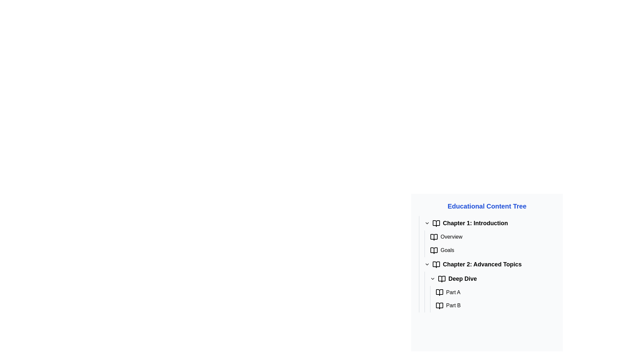 This screenshot has height=353, width=628. I want to click on the SVG icon representing an open book located next to the 'Goals' text in the 'Chapter 1: Introduction' section, so click(434, 250).